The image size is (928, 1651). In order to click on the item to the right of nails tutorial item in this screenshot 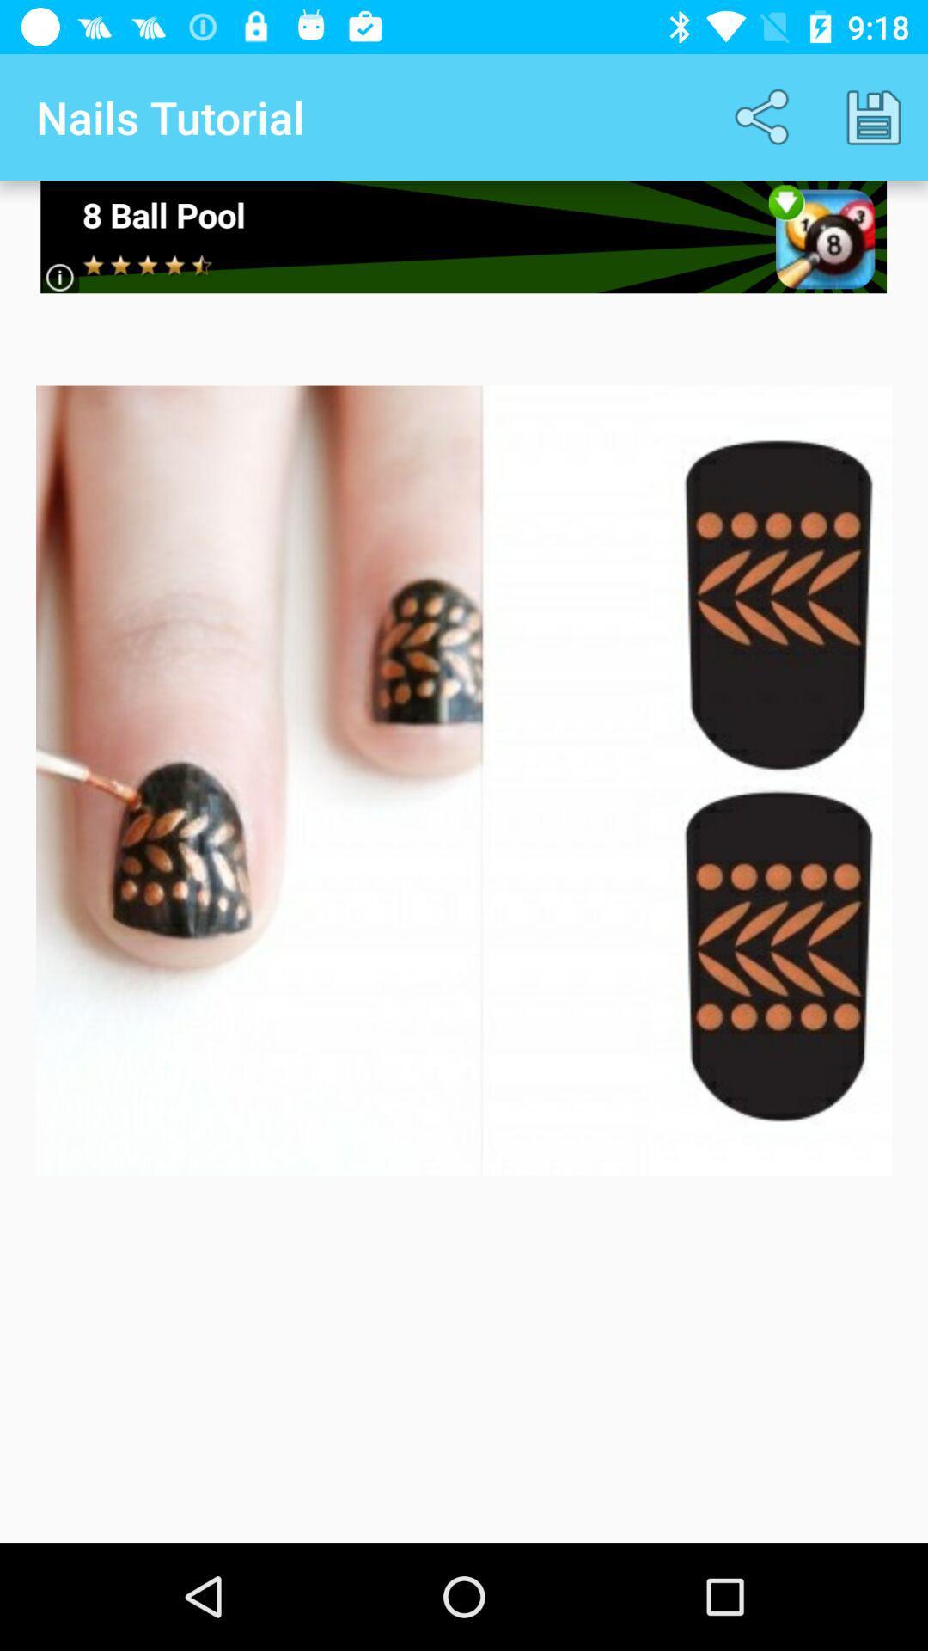, I will do `click(765, 116)`.